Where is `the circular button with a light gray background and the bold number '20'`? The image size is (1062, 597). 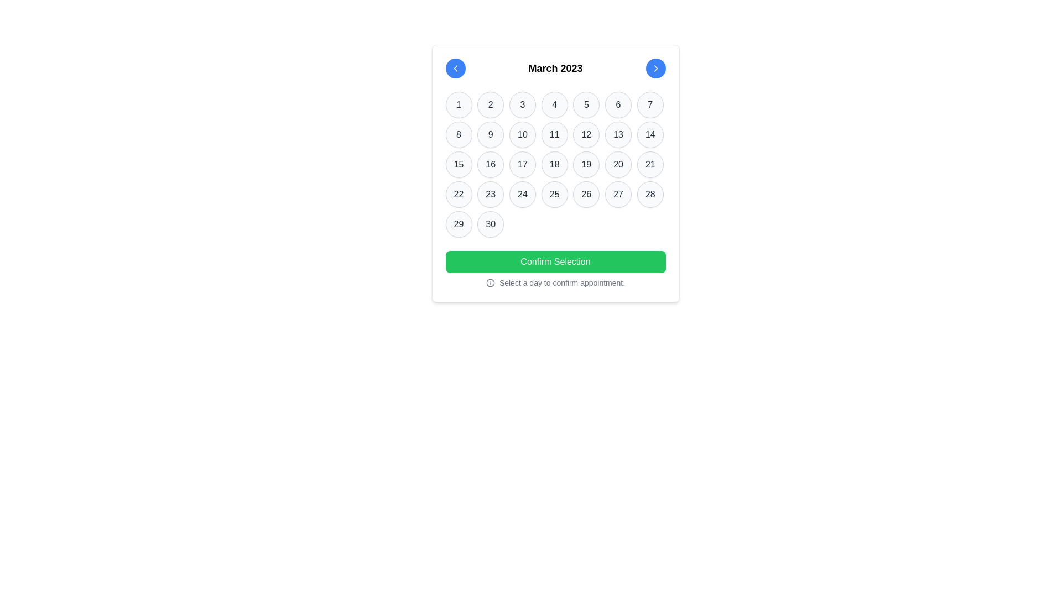
the circular button with a light gray background and the bold number '20' is located at coordinates (618, 164).